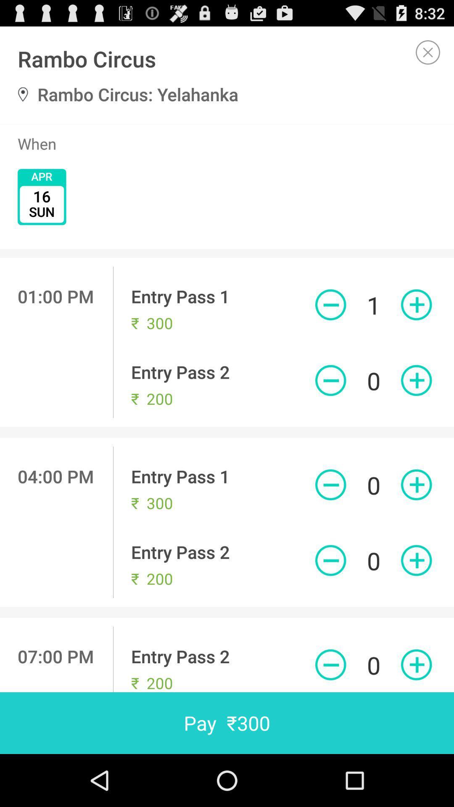  I want to click on another entry pass, so click(416, 304).